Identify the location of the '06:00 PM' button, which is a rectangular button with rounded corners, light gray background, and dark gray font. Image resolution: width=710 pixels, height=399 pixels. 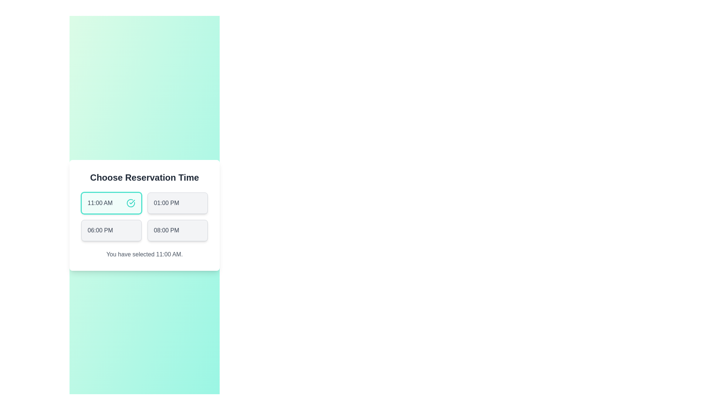
(111, 230).